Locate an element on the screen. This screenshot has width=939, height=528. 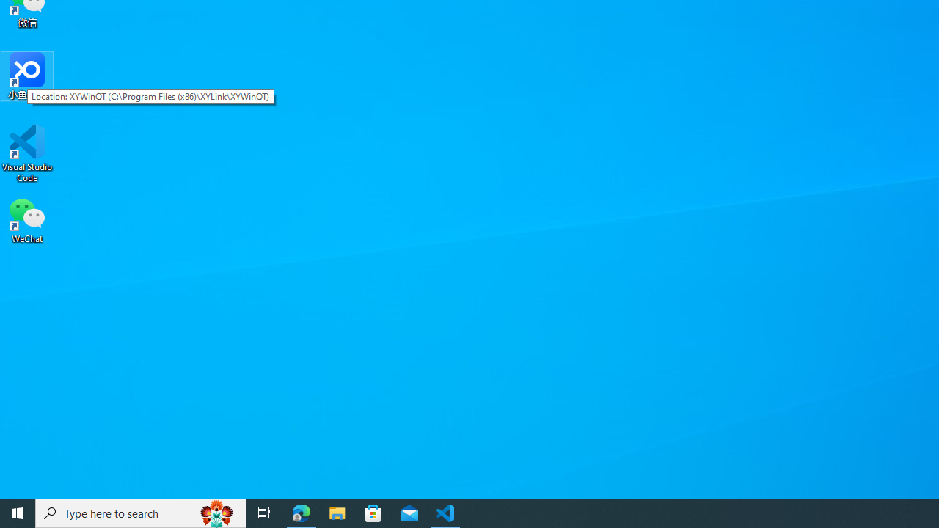
'Task View' is located at coordinates (263, 512).